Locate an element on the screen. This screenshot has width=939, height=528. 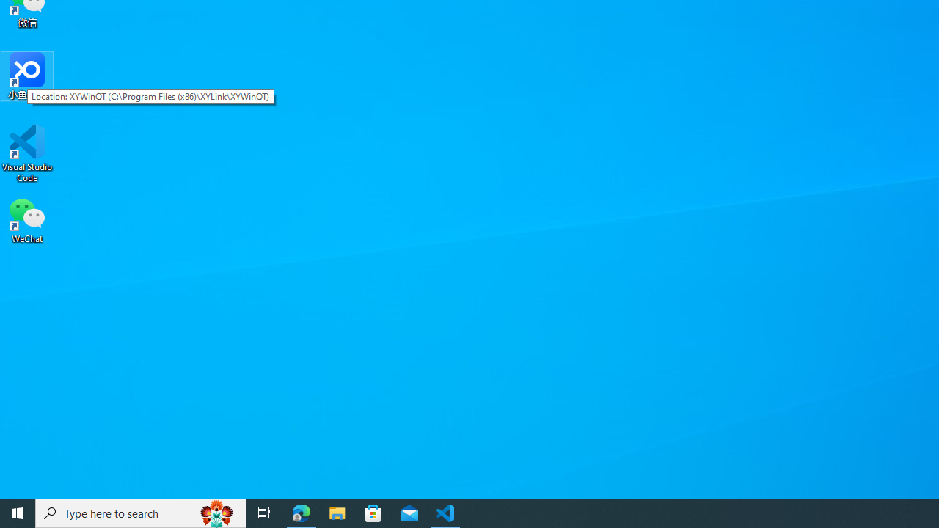
'Task View' is located at coordinates (263, 512).